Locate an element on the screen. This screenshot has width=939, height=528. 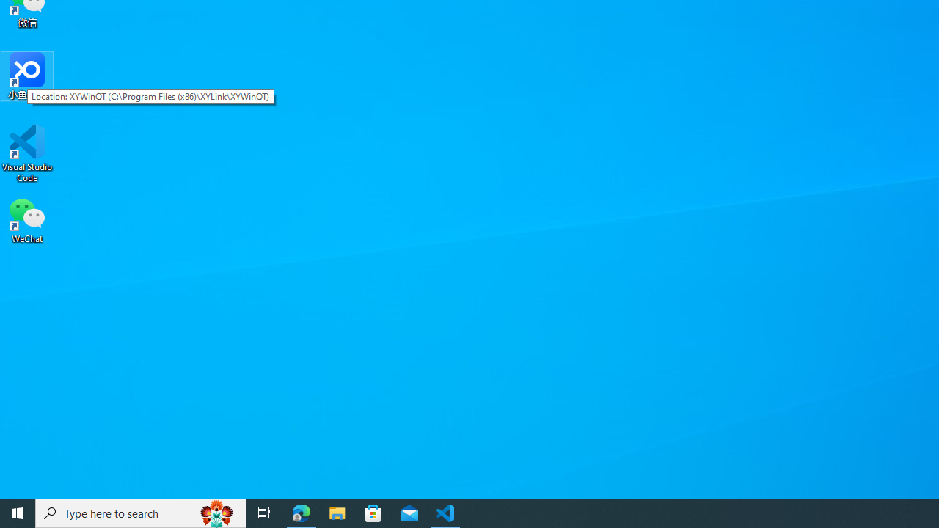
'Task View' is located at coordinates (263, 512).